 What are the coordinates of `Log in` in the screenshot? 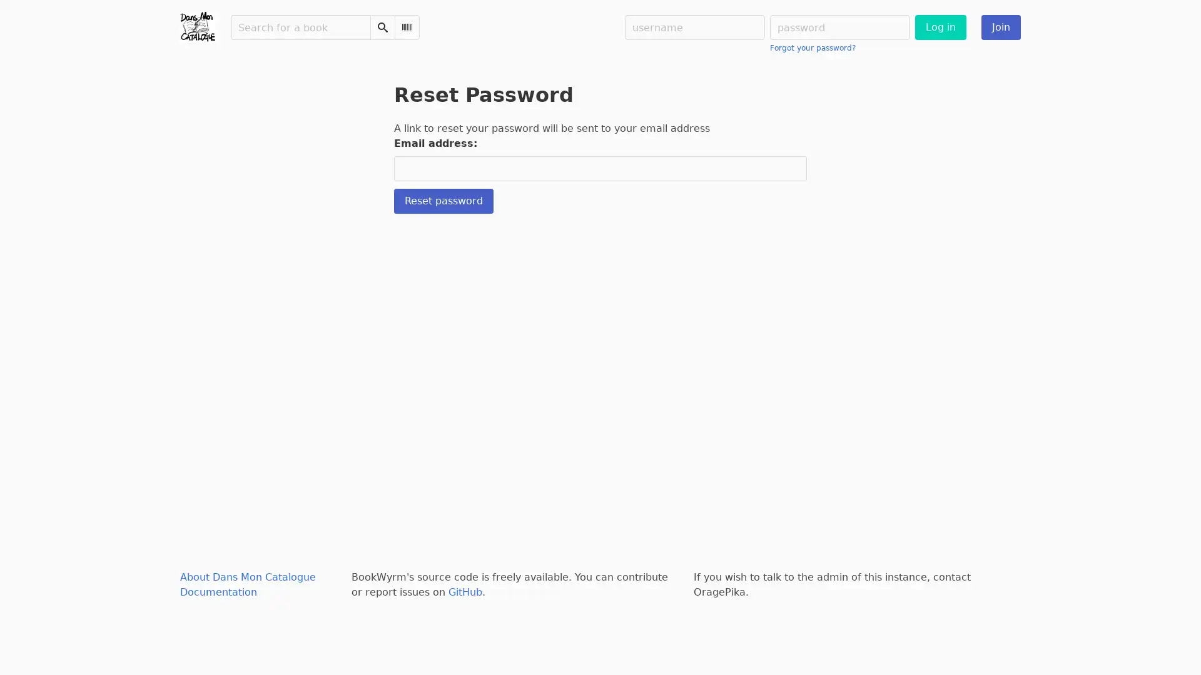 It's located at (940, 27).